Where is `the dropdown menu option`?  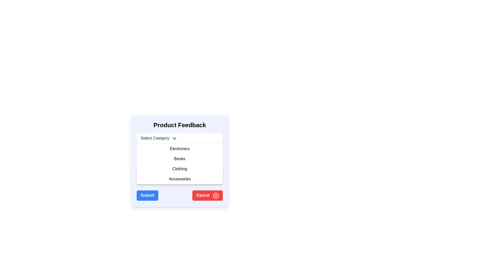 the dropdown menu option is located at coordinates (180, 164).